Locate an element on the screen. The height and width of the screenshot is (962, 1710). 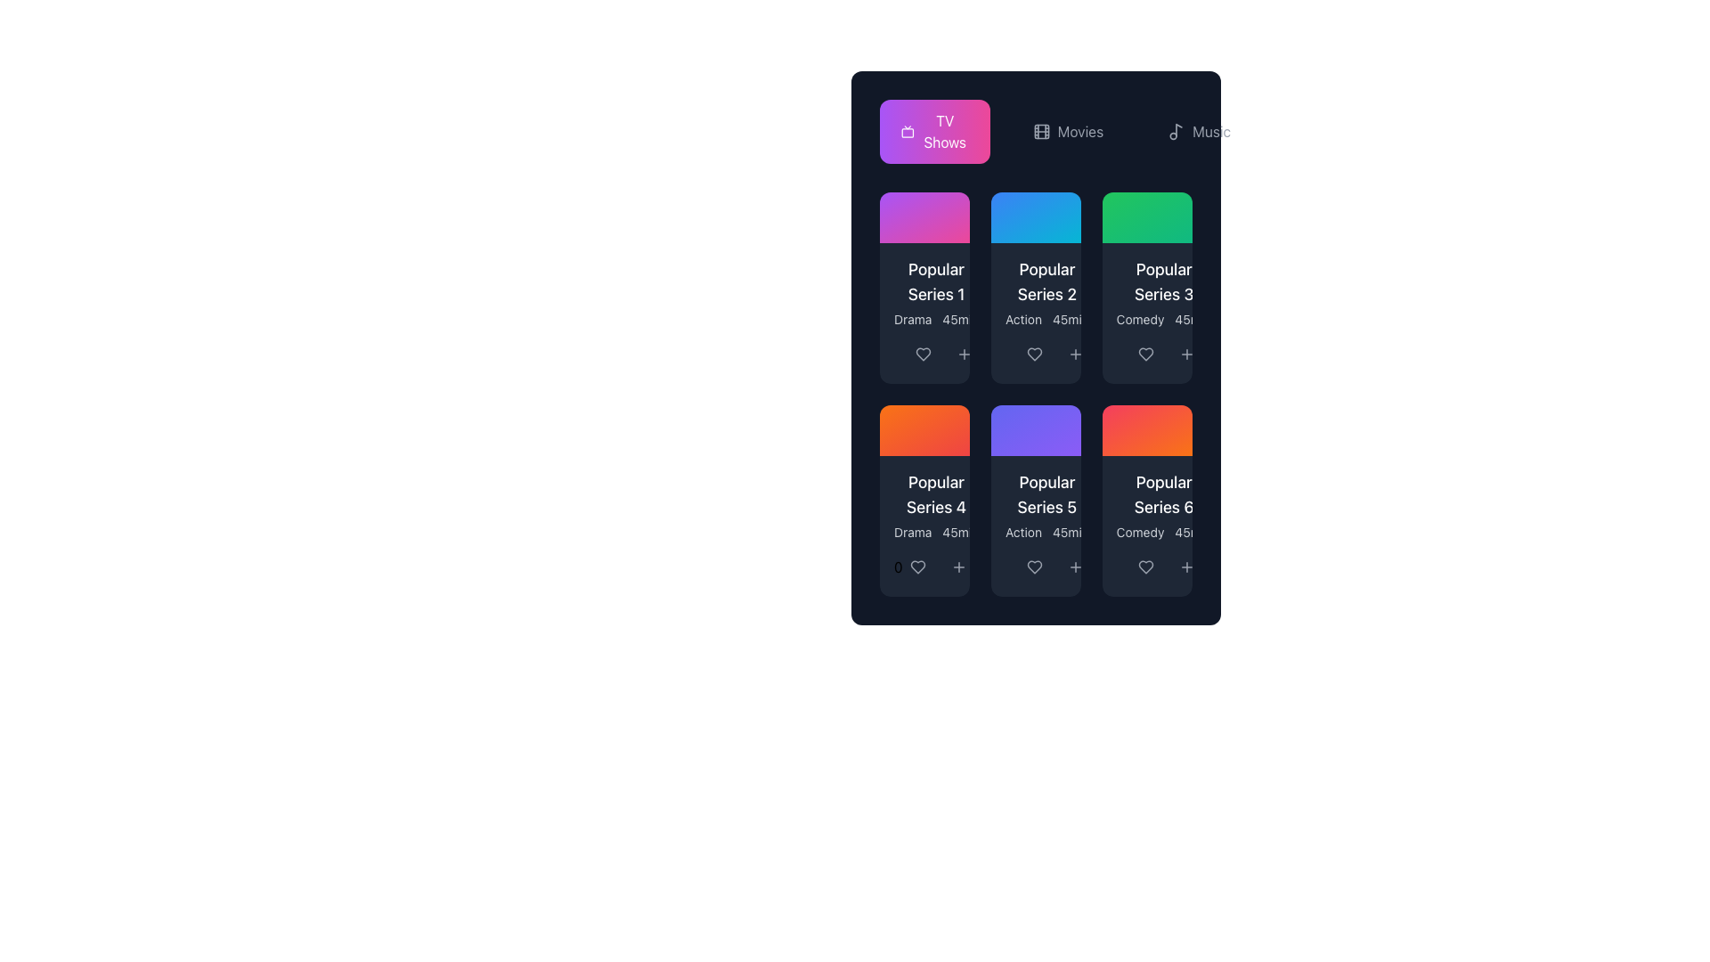
the 'Popular Series 1' Card widget located in the top-left corner of the grid under the 'TV Shows' header is located at coordinates (924, 312).